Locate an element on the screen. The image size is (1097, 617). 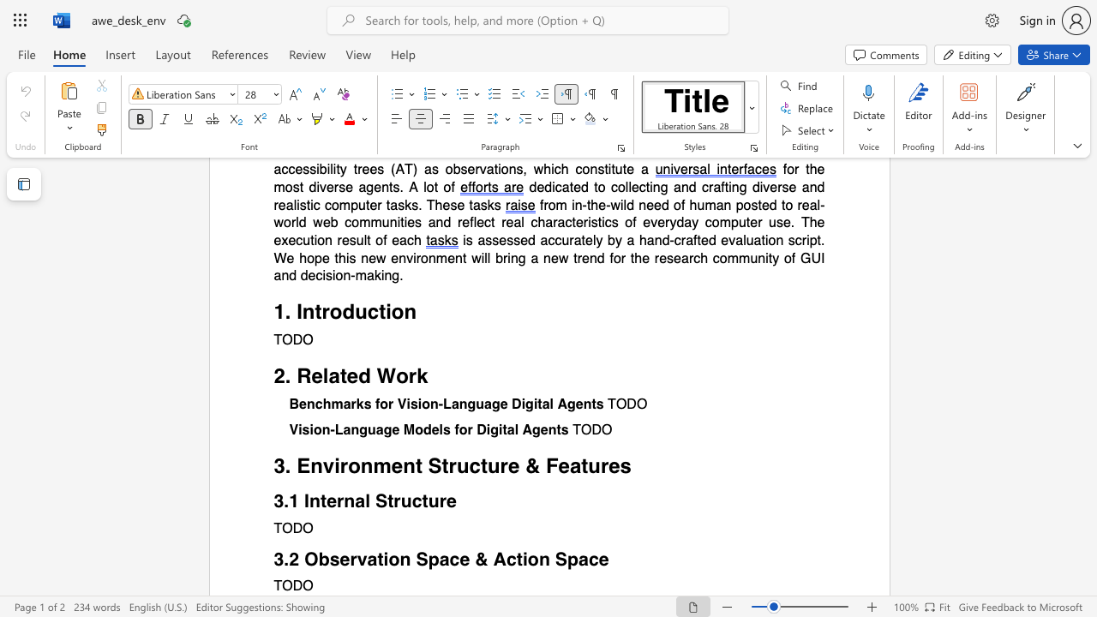
the subset text "Space" within the text "3.2 Observation Space & Action Space" is located at coordinates (554, 559).